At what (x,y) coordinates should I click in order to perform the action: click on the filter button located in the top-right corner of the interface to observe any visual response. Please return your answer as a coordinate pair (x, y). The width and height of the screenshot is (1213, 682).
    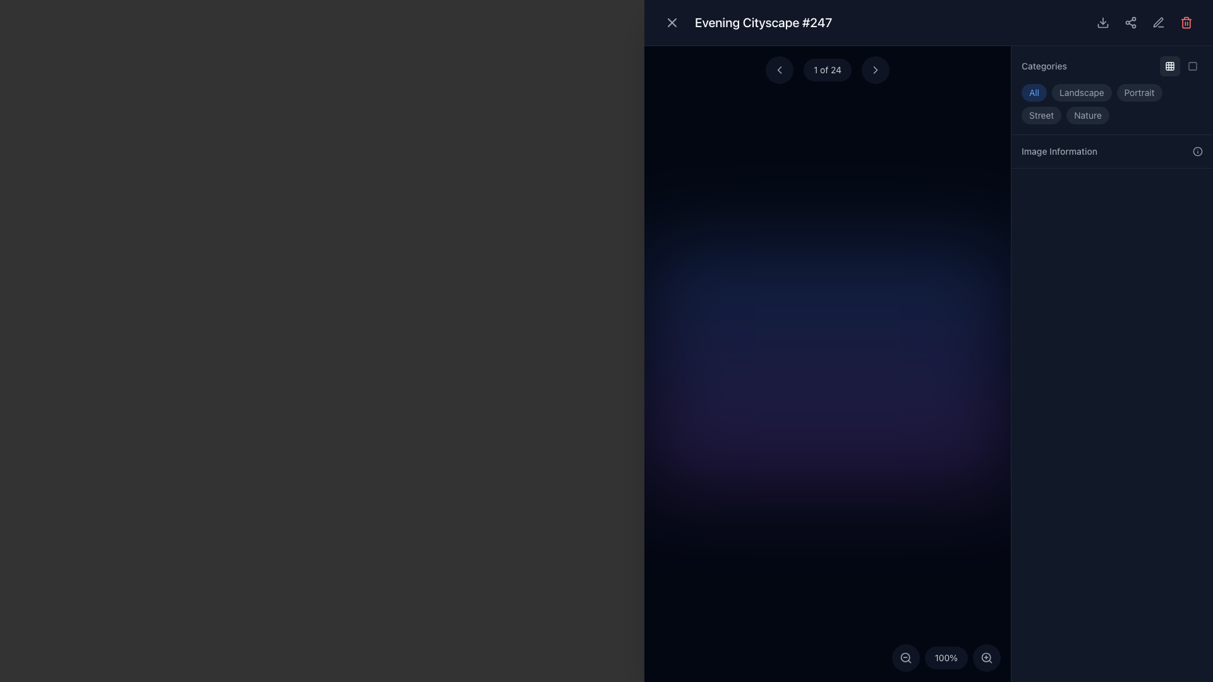
    Looking at the image, I should click on (1034, 92).